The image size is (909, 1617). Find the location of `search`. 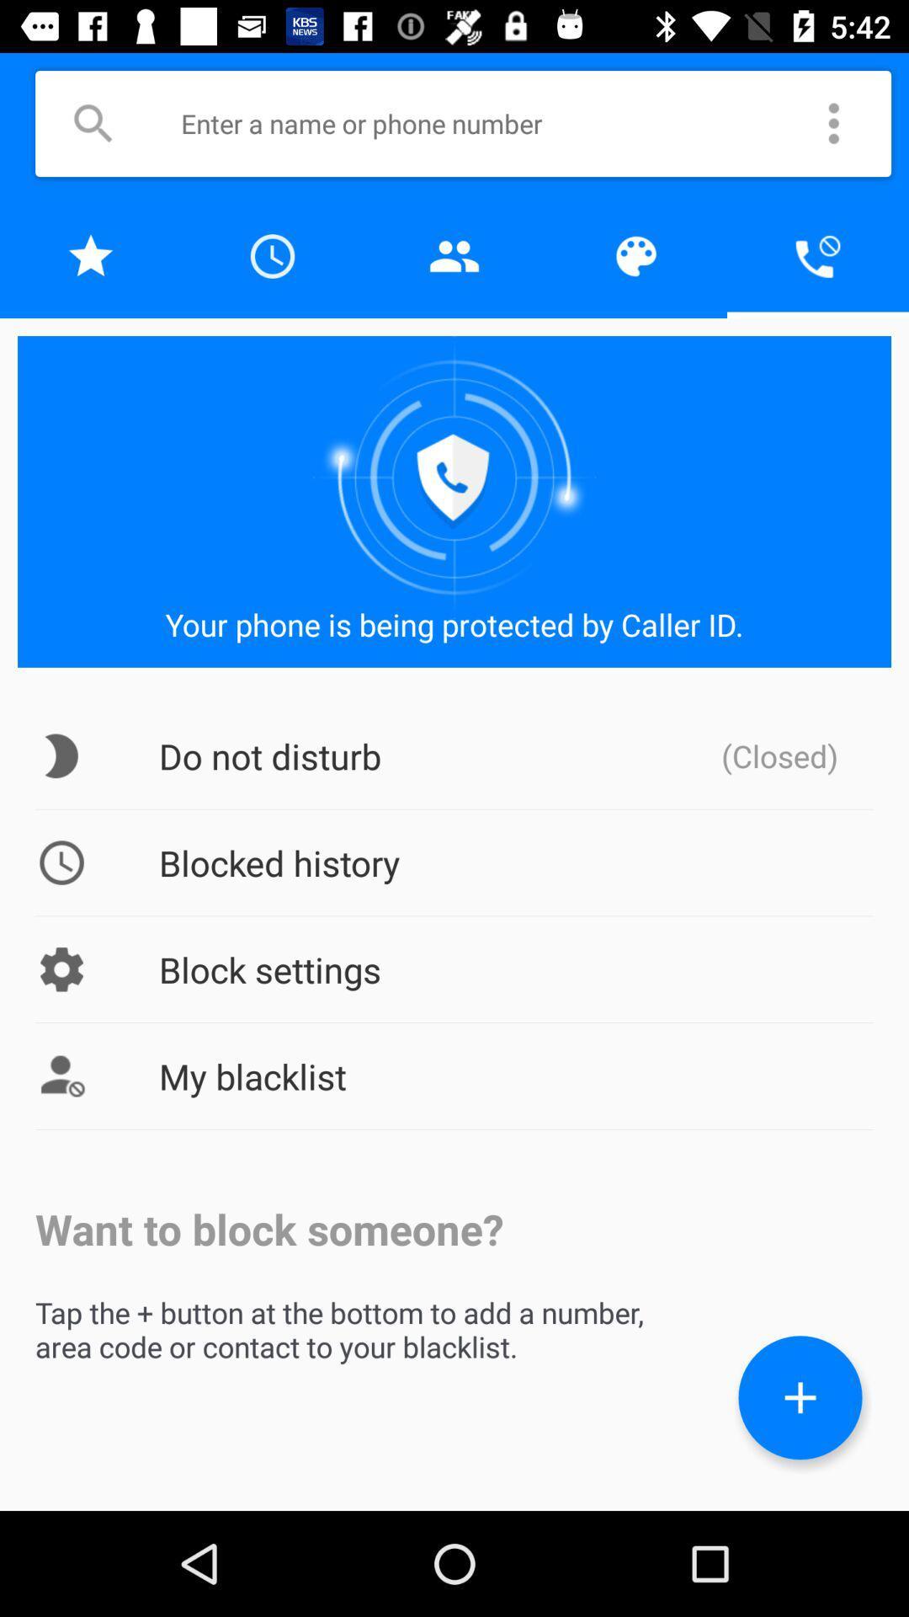

search is located at coordinates (93, 123).